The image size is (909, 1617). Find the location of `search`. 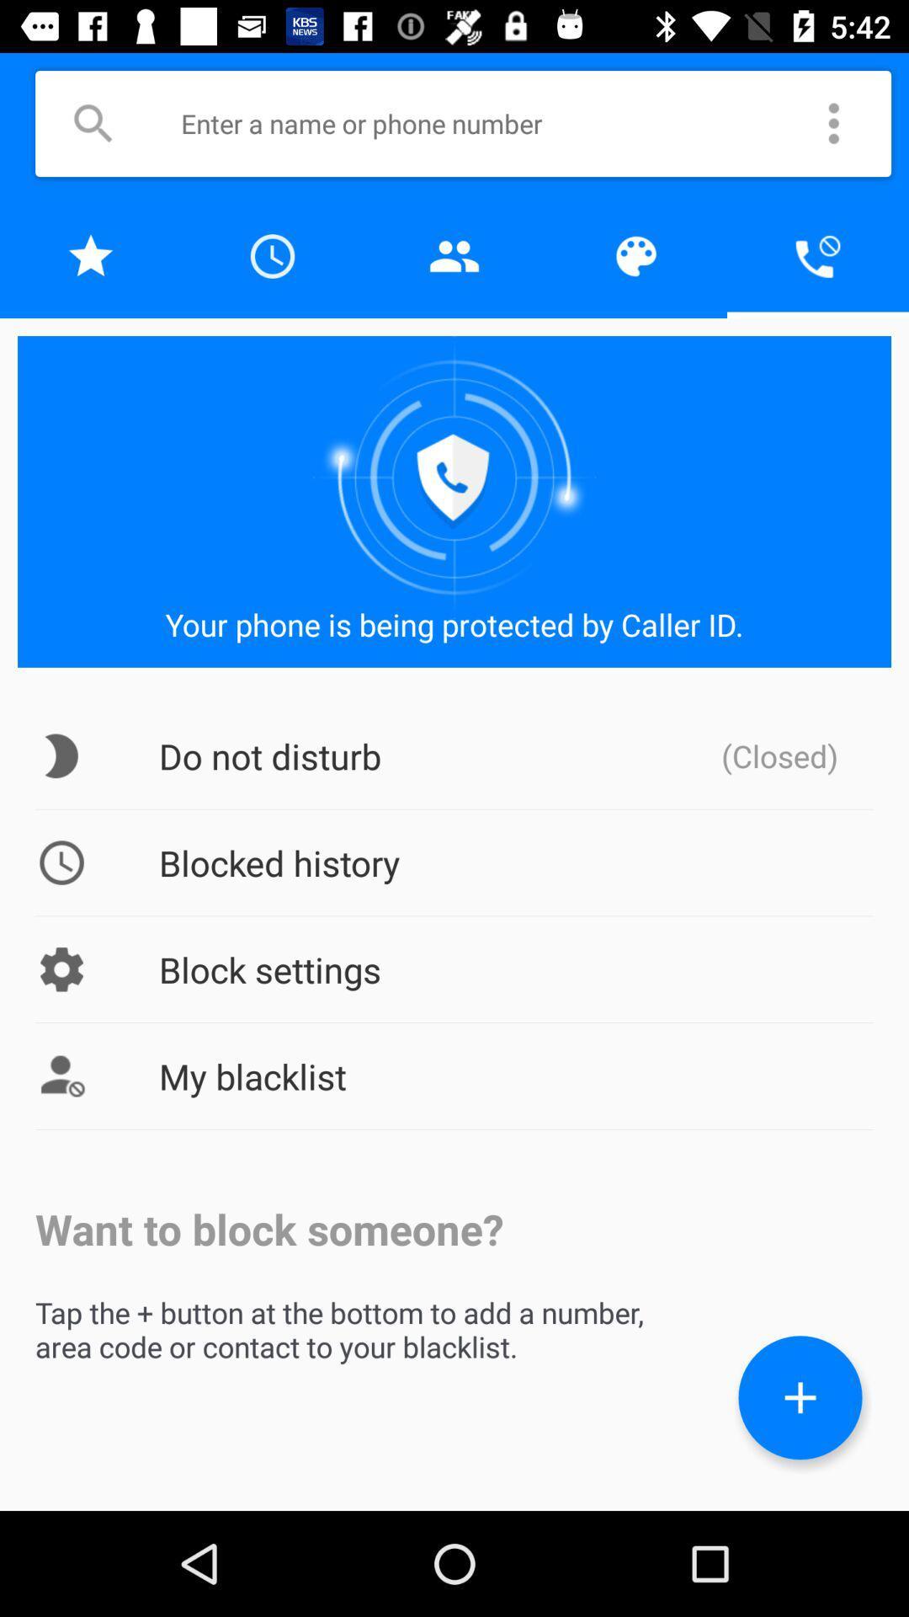

search is located at coordinates (93, 123).